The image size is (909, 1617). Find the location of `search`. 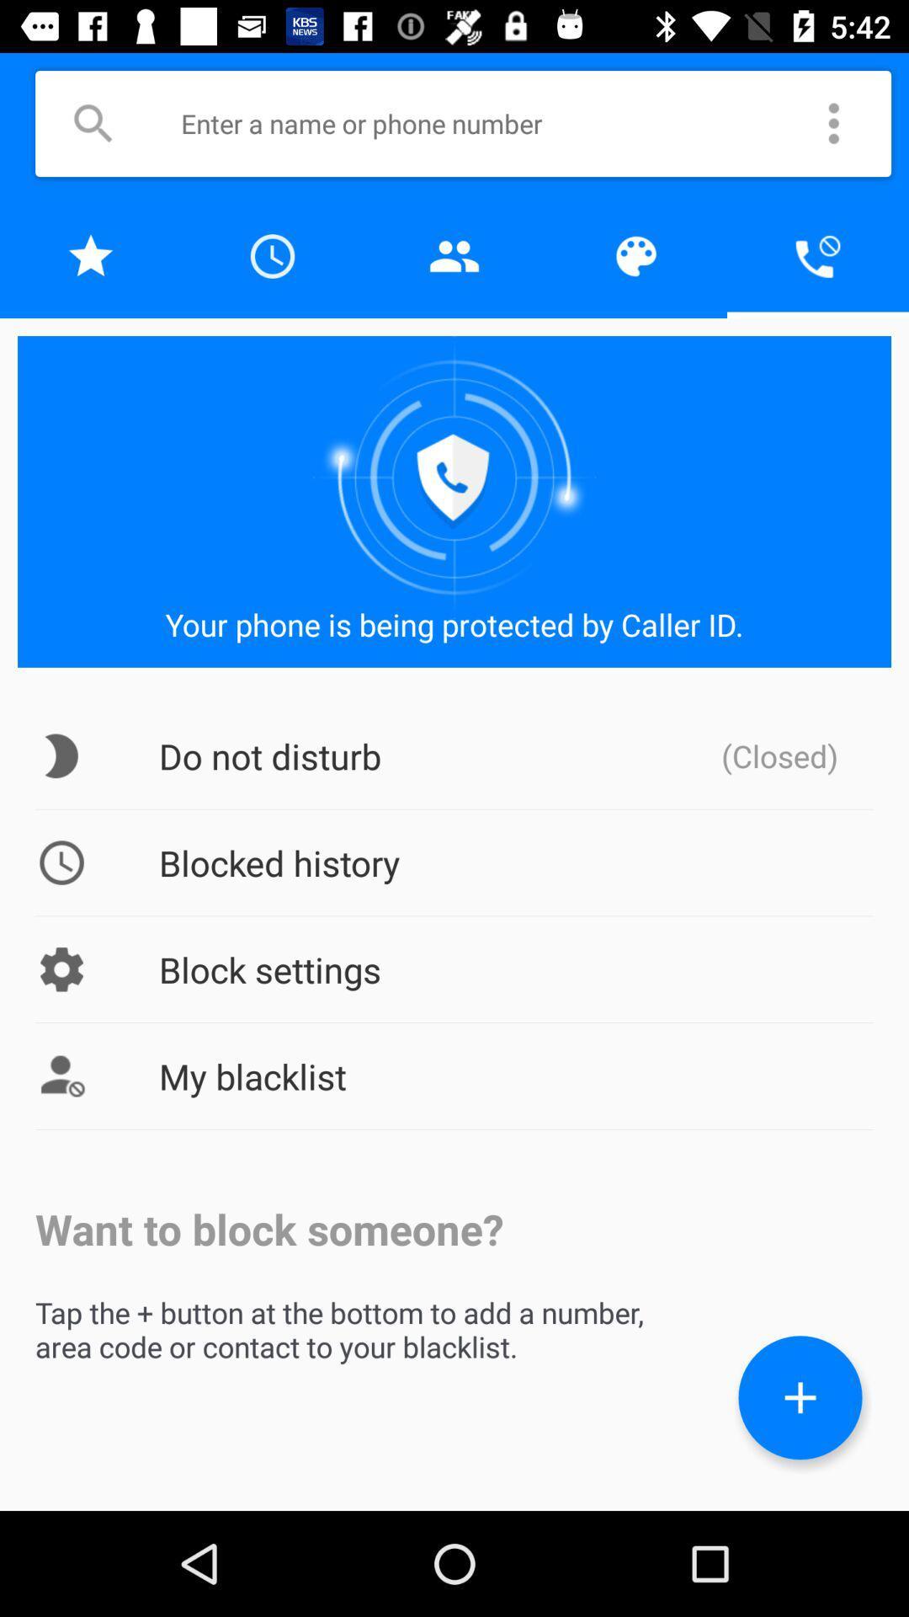

search is located at coordinates (93, 123).